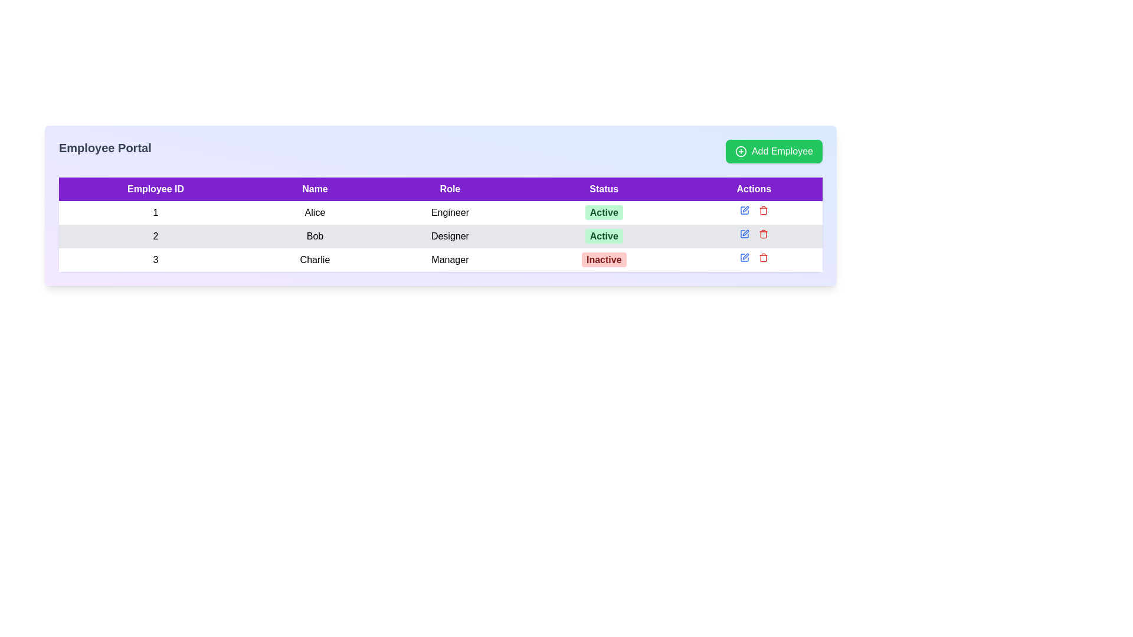  What do you see at coordinates (155, 213) in the screenshot?
I see `the first cell in the first data row under the 'Employee ID' column to focus on the employee identifier` at bounding box center [155, 213].